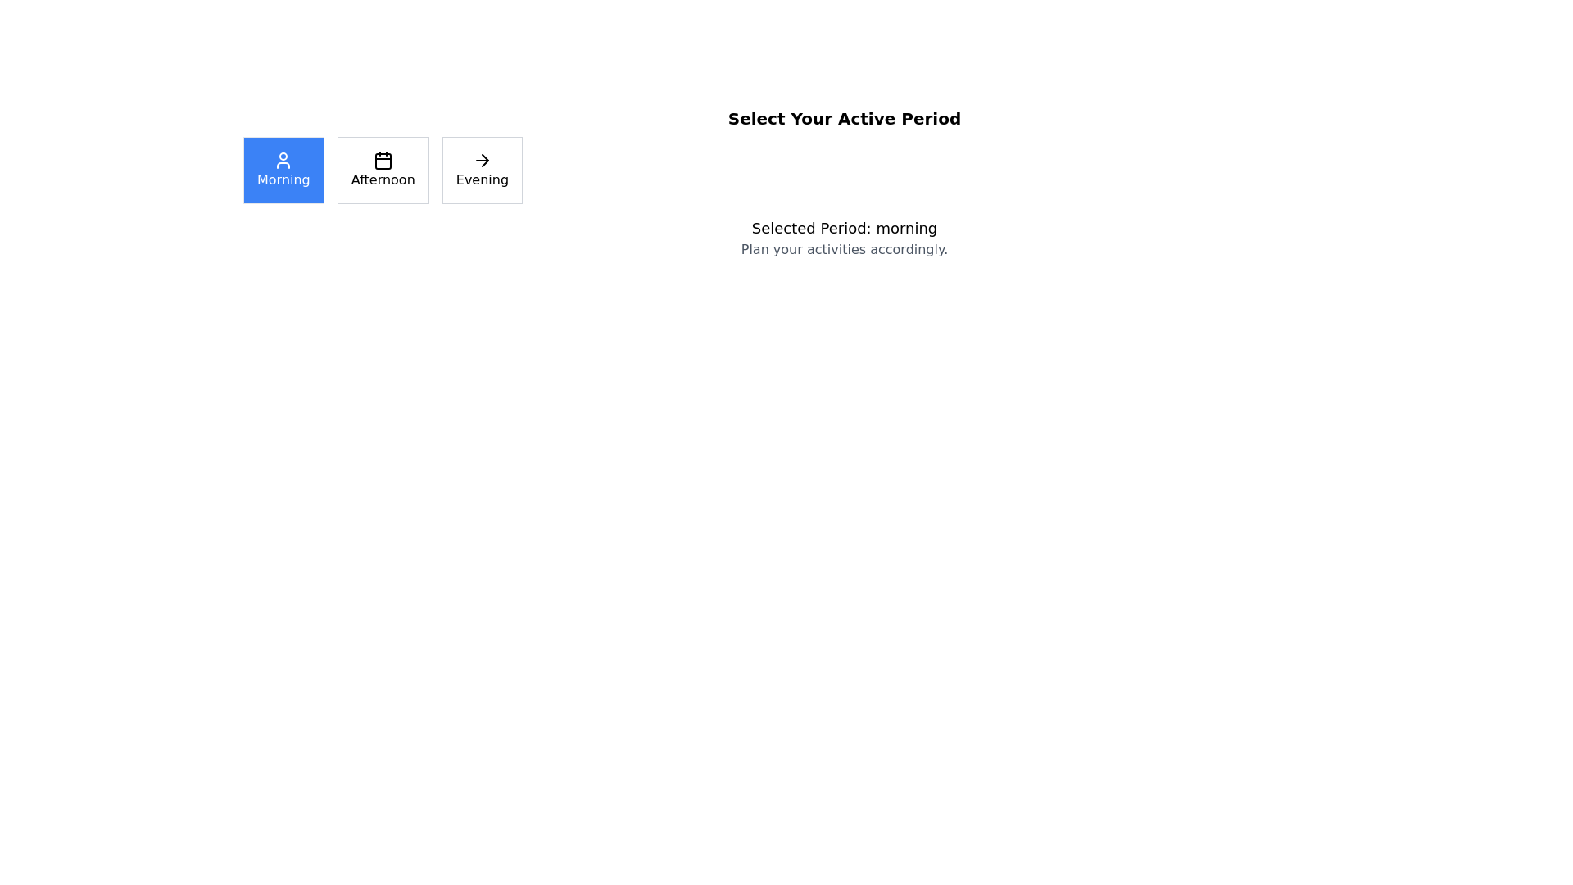  I want to click on text label displaying 'Afternoon' which is part of a selectable area representing the afternoon time period, located centrally between the 'Morning' and 'Evening' blocks, so click(382, 179).